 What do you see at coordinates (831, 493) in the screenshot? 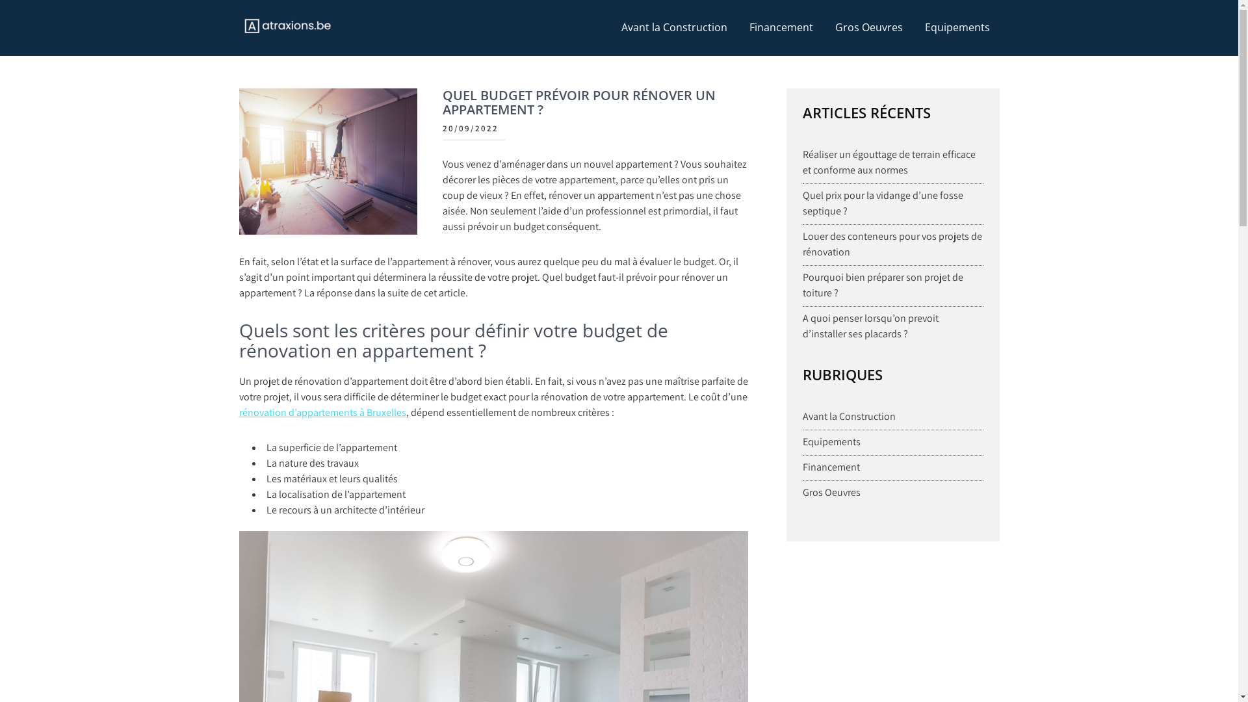
I see `'Gros Oeuvres'` at bounding box center [831, 493].